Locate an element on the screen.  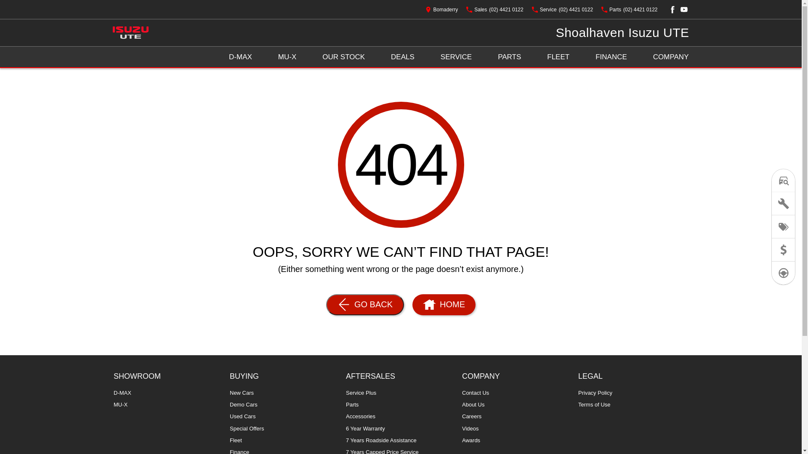
'Used Cars' is located at coordinates (242, 418).